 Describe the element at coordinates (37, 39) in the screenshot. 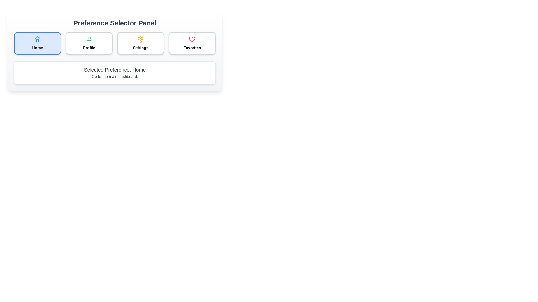

I see `the small blue house icon located in the first card labeled 'Home' in the preference selector panel` at that location.